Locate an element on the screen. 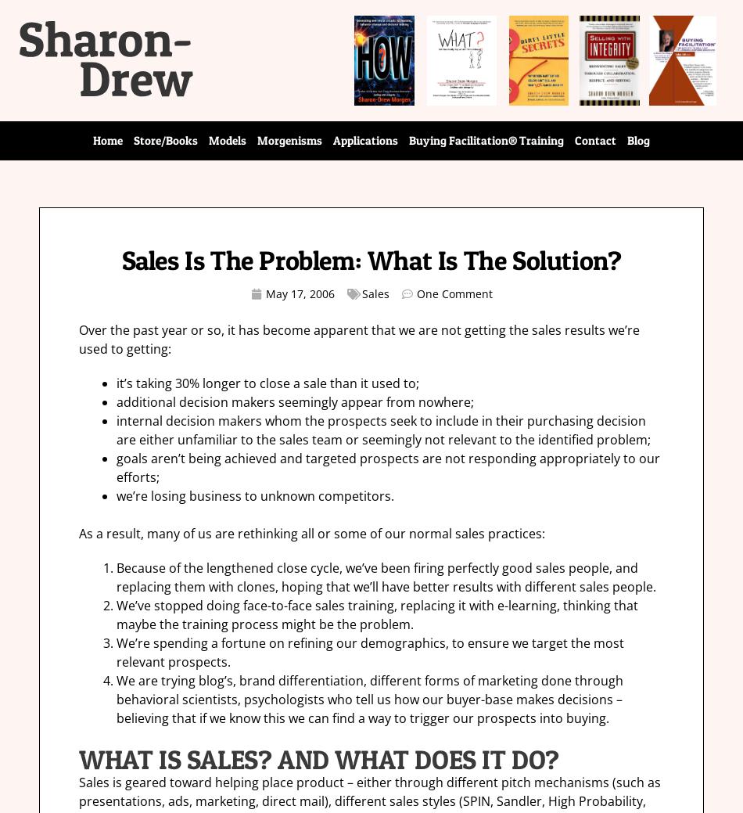 The width and height of the screenshot is (743, 813). 'We’re spending a fortune on refining our demographics, to ensure we target the most relevant prospects.' is located at coordinates (369, 652).